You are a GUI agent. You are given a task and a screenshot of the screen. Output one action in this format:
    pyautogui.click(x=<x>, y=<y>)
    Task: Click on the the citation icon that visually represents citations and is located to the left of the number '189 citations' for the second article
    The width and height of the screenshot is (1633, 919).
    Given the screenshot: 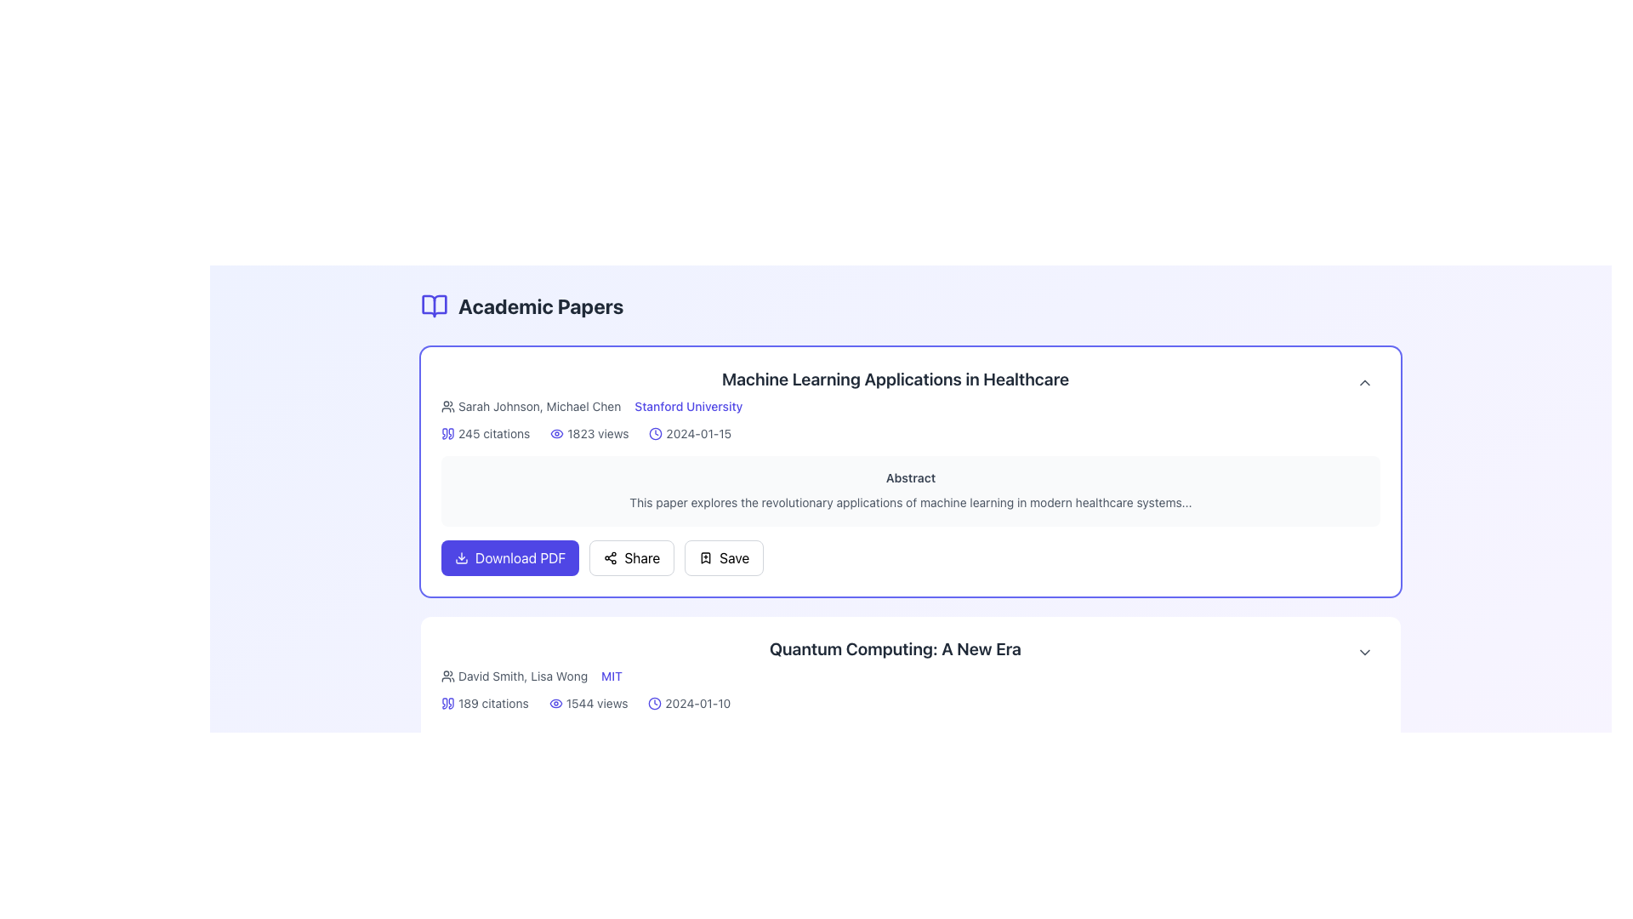 What is the action you would take?
    pyautogui.click(x=451, y=703)
    